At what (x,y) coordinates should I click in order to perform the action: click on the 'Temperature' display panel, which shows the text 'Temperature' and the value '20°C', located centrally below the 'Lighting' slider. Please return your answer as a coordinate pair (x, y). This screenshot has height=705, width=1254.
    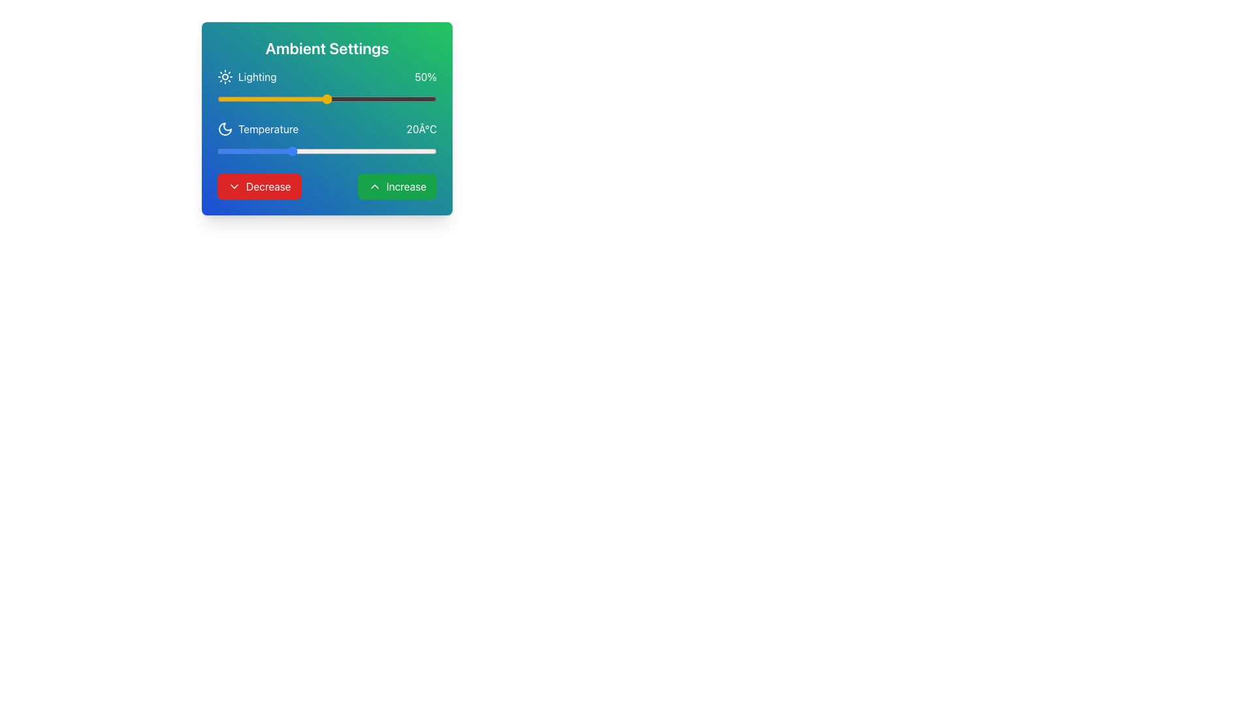
    Looking at the image, I should click on (327, 129).